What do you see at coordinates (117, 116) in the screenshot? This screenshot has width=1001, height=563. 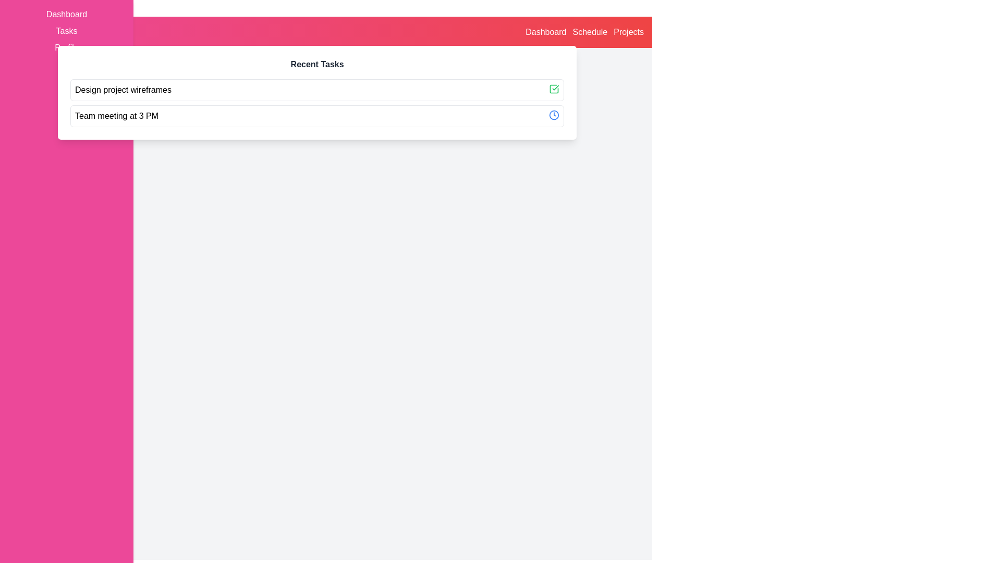 I see `the static text element displaying 'Team meeting at 3 PM', which is styled in black text on a white background and is located in the second row under the 'Recent Tasks' section` at bounding box center [117, 116].